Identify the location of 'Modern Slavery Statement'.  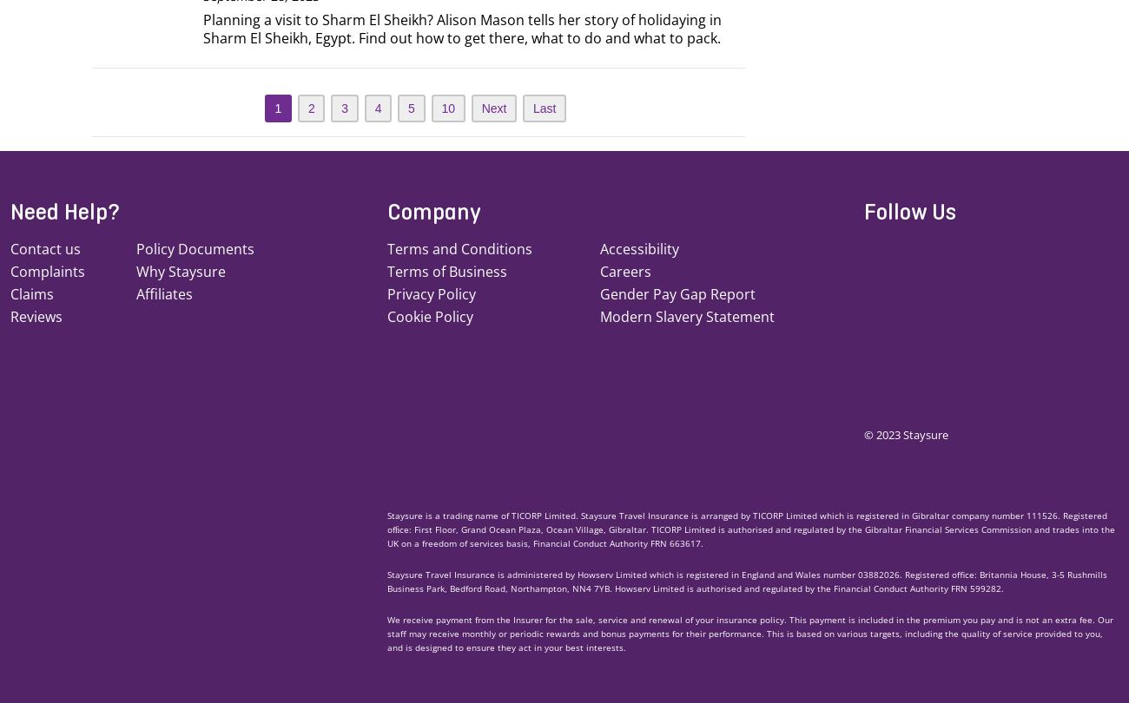
(598, 315).